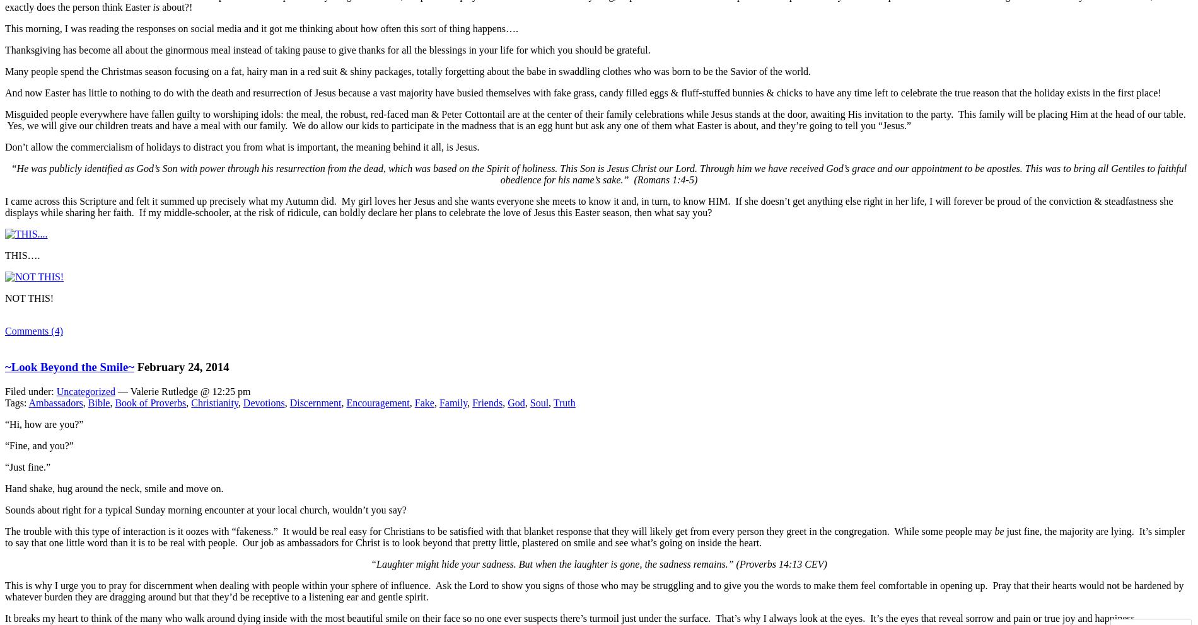 This screenshot has height=625, width=1198. I want to click on 'Don’t allow the commercialism of holidays to distract you from what is important, the meaning behind it all, is Jesus.', so click(4, 147).